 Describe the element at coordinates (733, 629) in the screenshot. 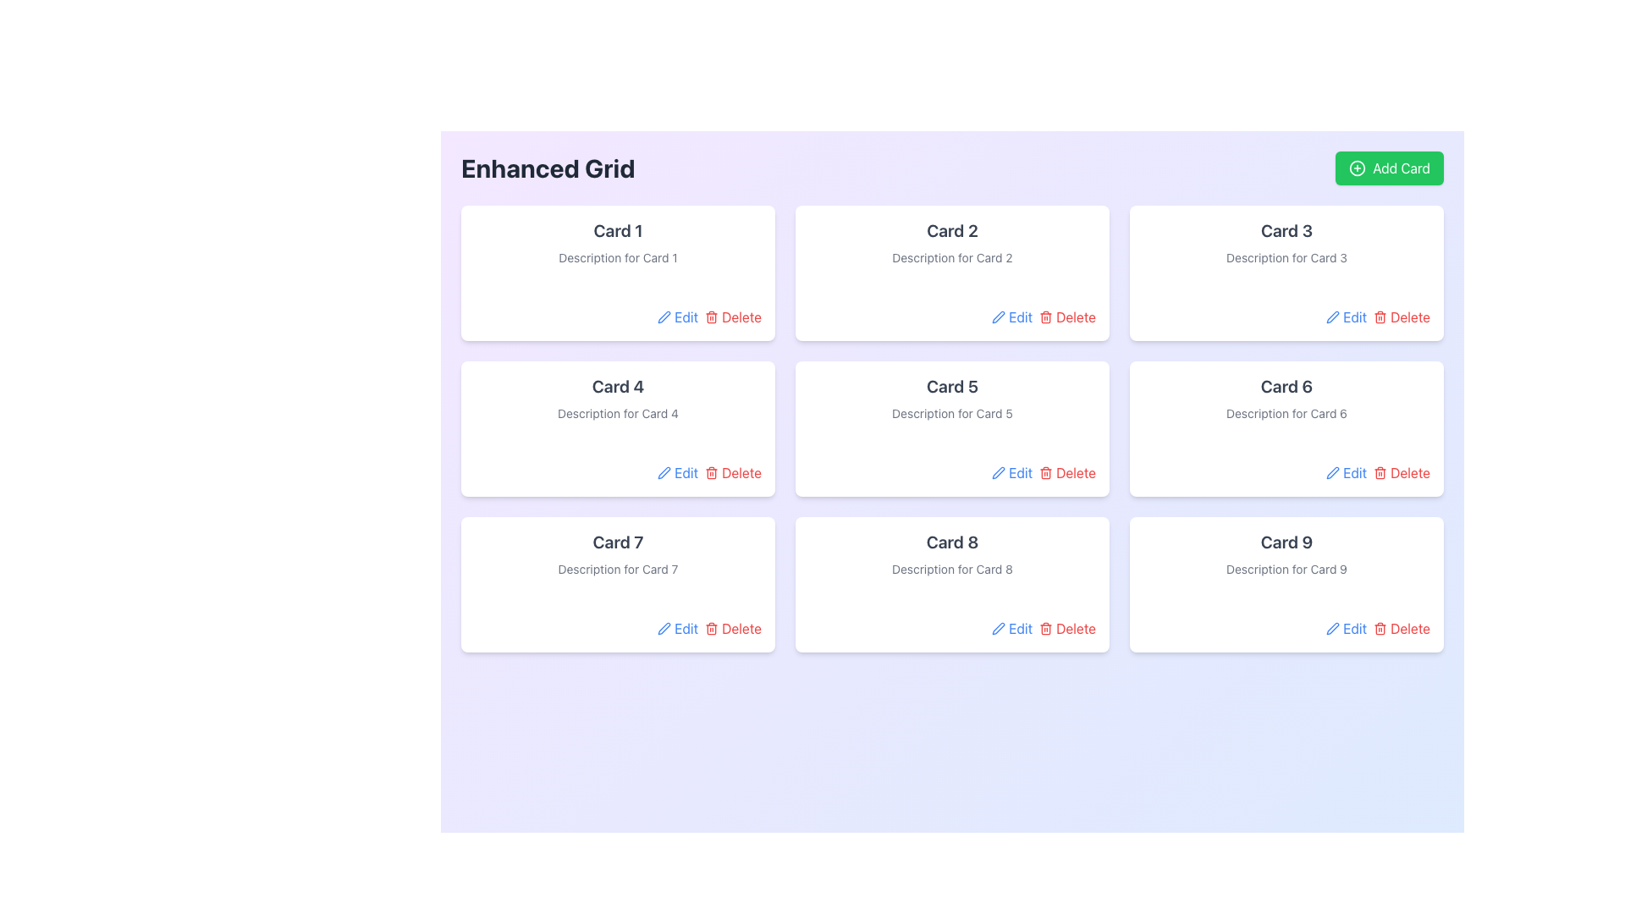

I see `the red 'Delete' button with a trash can icon located at the bottom-right of card 7 to change its shade` at that location.